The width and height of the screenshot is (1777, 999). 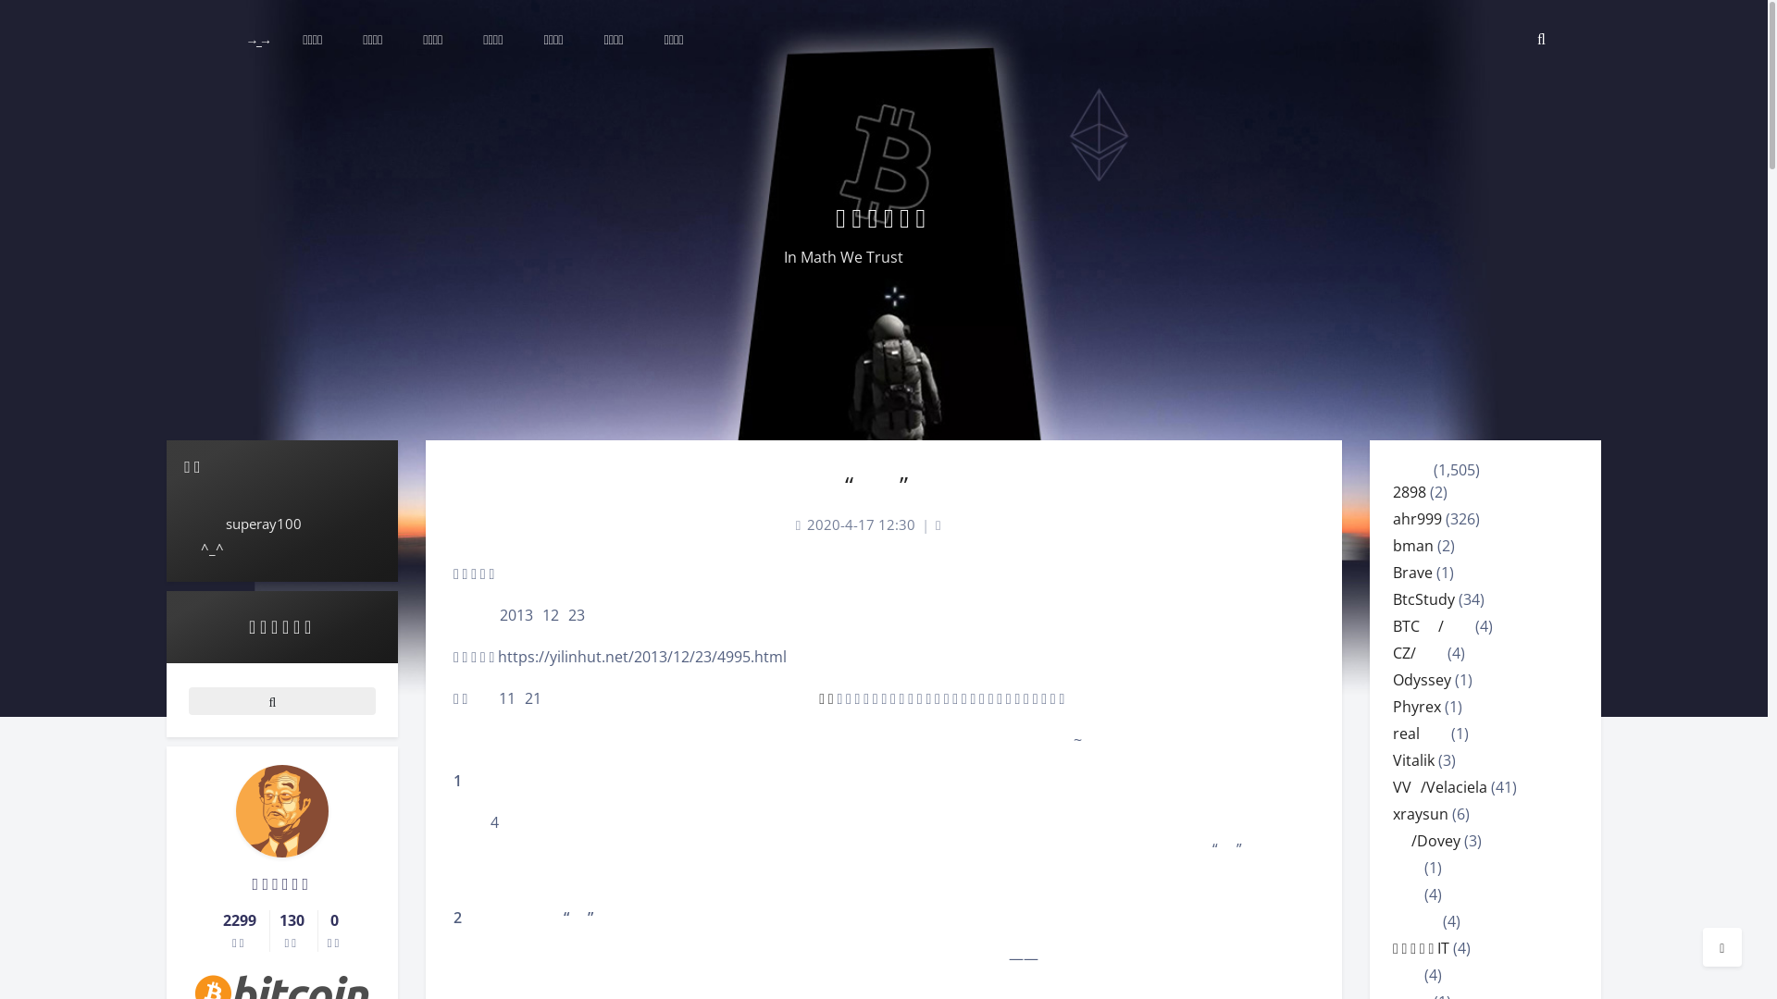 I want to click on 'BtcStudy', so click(x=1423, y=599).